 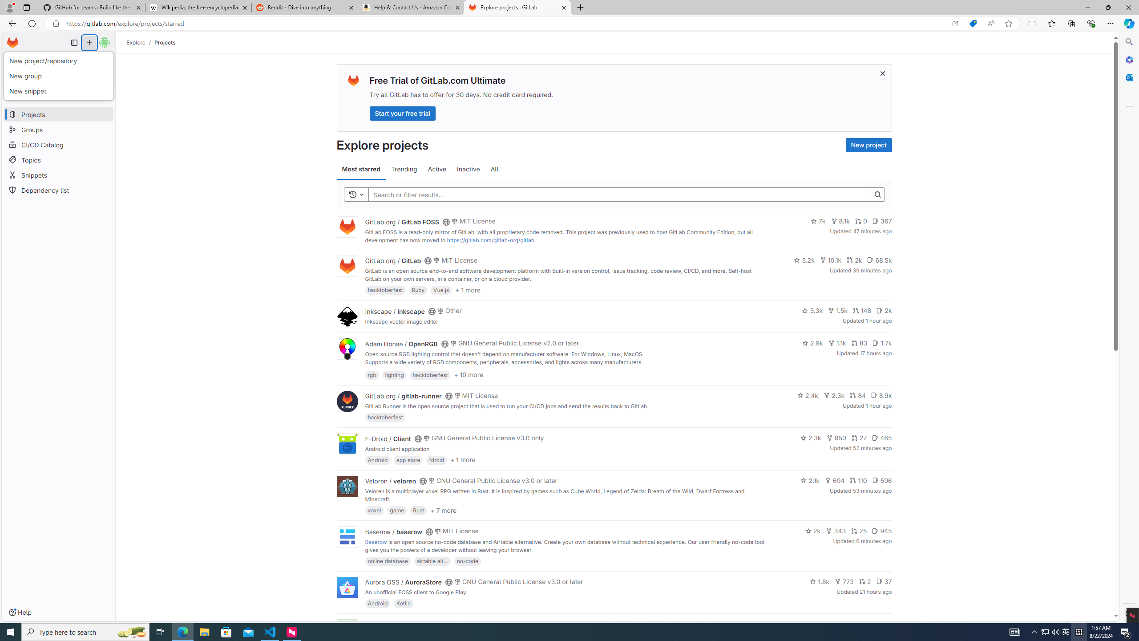 What do you see at coordinates (165, 42) in the screenshot?
I see `'Projects'` at bounding box center [165, 42].